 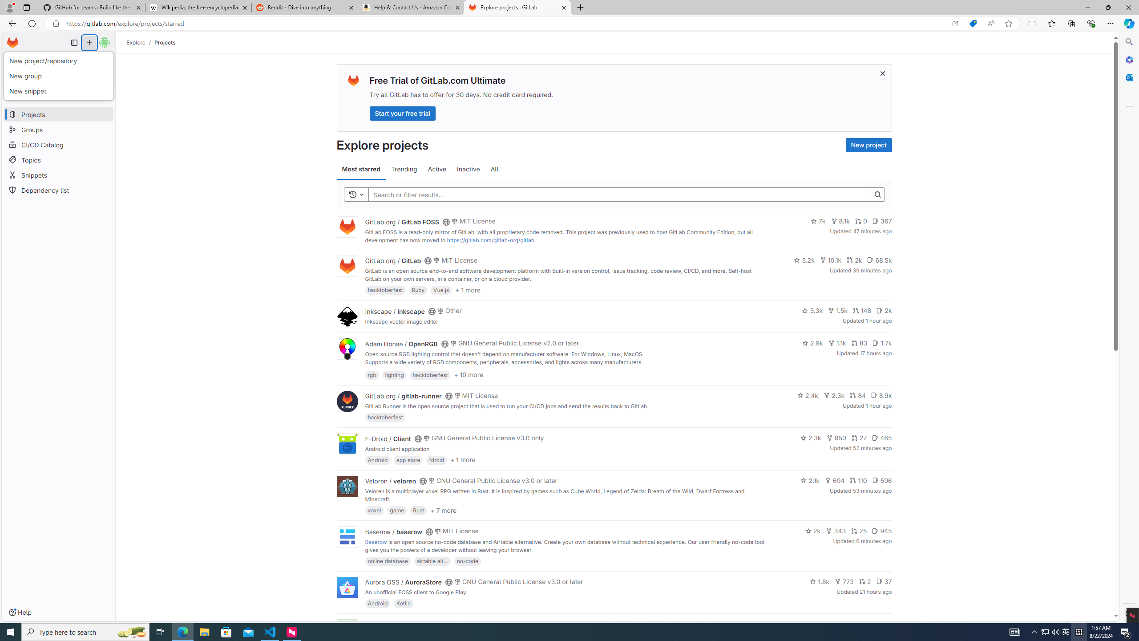 What do you see at coordinates (165, 42) in the screenshot?
I see `'Projects'` at bounding box center [165, 42].